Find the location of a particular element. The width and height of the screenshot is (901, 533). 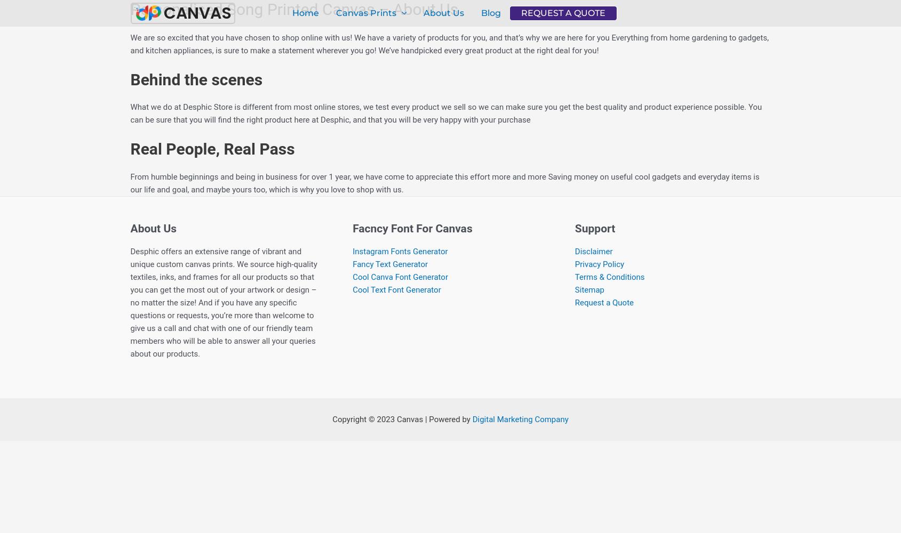

'Personalised Song Printed Canvas – About Us' is located at coordinates (294, 9).